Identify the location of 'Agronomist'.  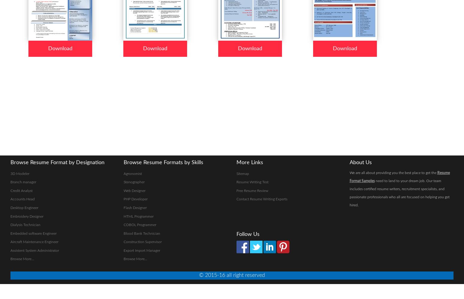
(132, 173).